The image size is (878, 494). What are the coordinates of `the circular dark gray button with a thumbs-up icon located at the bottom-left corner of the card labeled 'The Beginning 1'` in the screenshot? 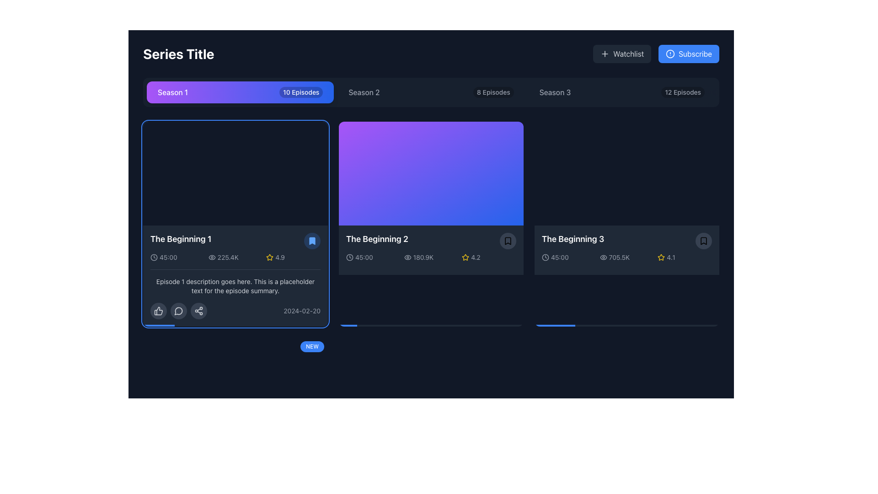 It's located at (158, 310).